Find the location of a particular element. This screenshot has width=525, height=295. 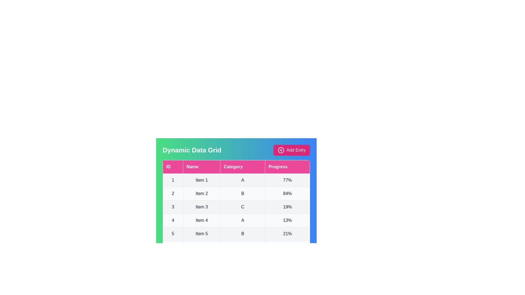

the 'Add Entry' button to add a new item is located at coordinates (291, 150).